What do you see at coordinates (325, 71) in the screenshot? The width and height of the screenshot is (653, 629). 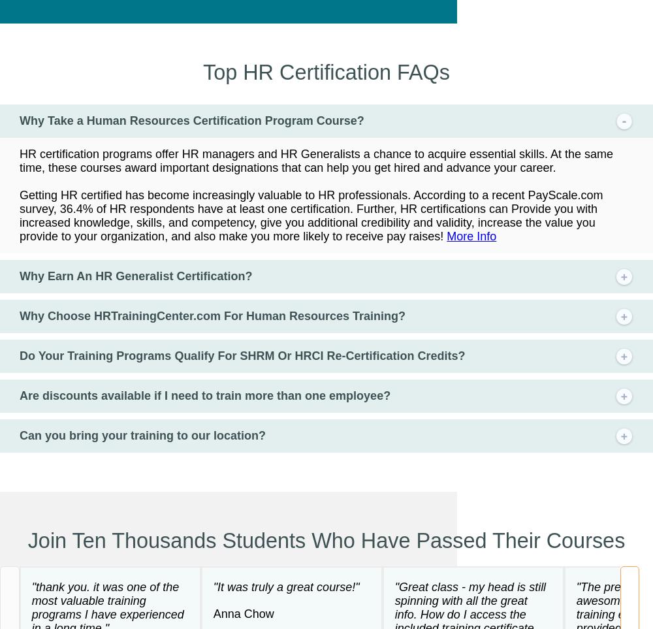 I see `'Top HR Certification FAQs'` at bounding box center [325, 71].